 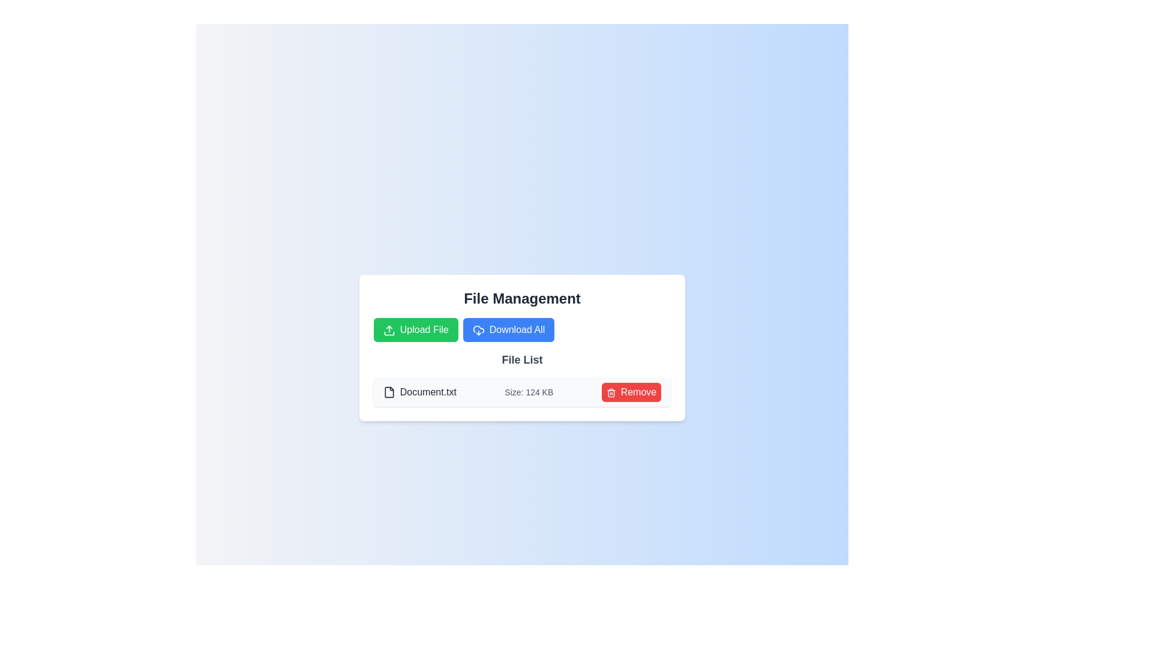 I want to click on the decorative lower rectangle of the 'Upload File' button located at the top-left of the file management interface, so click(x=389, y=333).